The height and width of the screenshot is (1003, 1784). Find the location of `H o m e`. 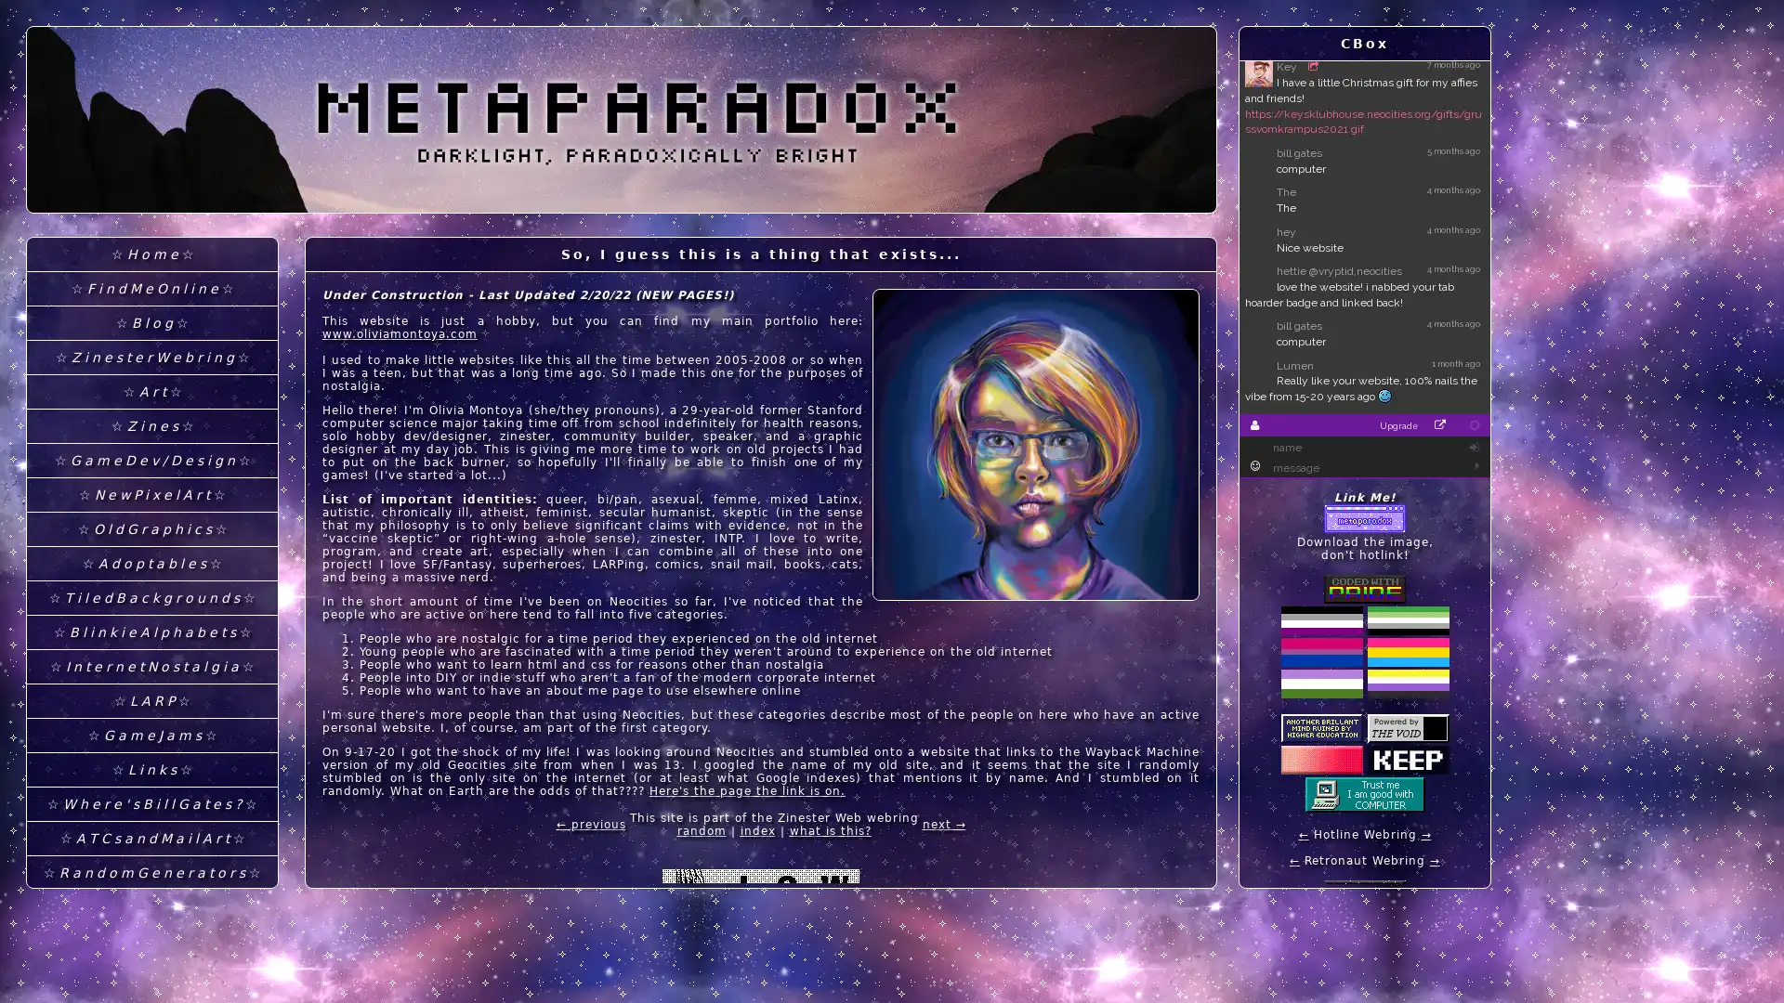

H o m e is located at coordinates (151, 254).